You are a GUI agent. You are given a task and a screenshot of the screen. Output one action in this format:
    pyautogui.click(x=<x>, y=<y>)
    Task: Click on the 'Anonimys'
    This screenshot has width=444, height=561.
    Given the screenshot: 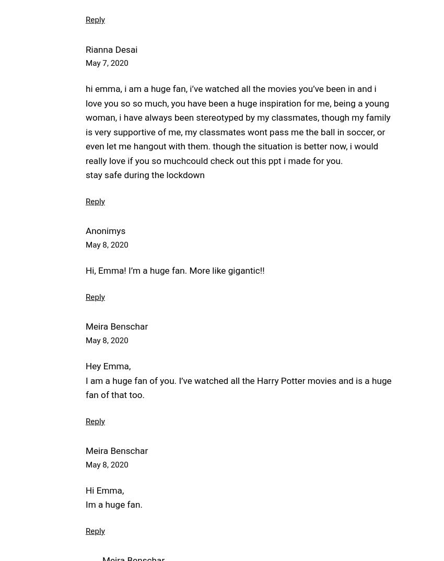 What is the action you would take?
    pyautogui.click(x=104, y=230)
    